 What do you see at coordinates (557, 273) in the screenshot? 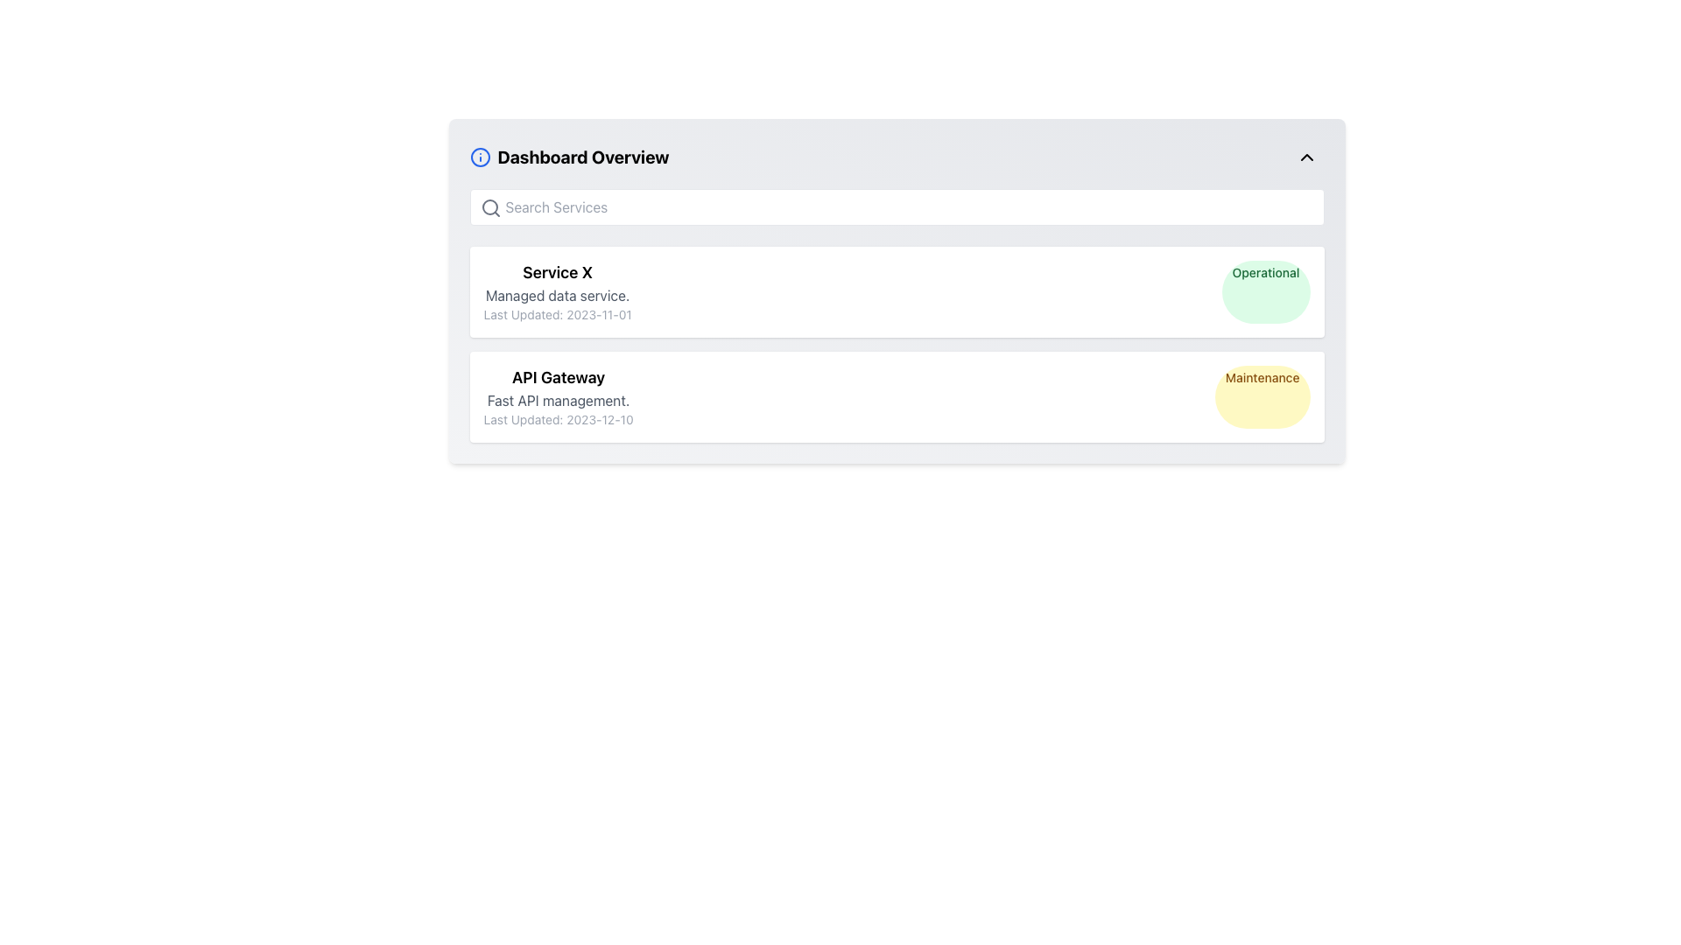
I see `the 'Service X' text label, which is displayed in bold, black font and positioned at the top of the 'Dashboard Overview' section` at bounding box center [557, 273].